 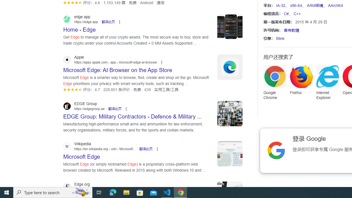 What do you see at coordinates (335, 5) in the screenshot?
I see `'AArch64'` at bounding box center [335, 5].